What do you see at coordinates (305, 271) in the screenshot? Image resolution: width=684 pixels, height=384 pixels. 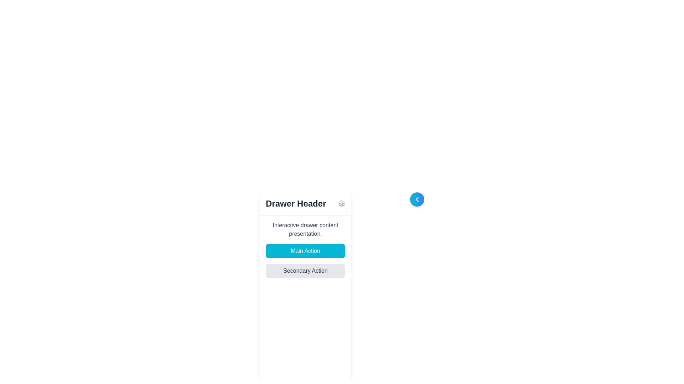 I see `the 'Secondary Action' button, which is the second button in the drawer` at bounding box center [305, 271].